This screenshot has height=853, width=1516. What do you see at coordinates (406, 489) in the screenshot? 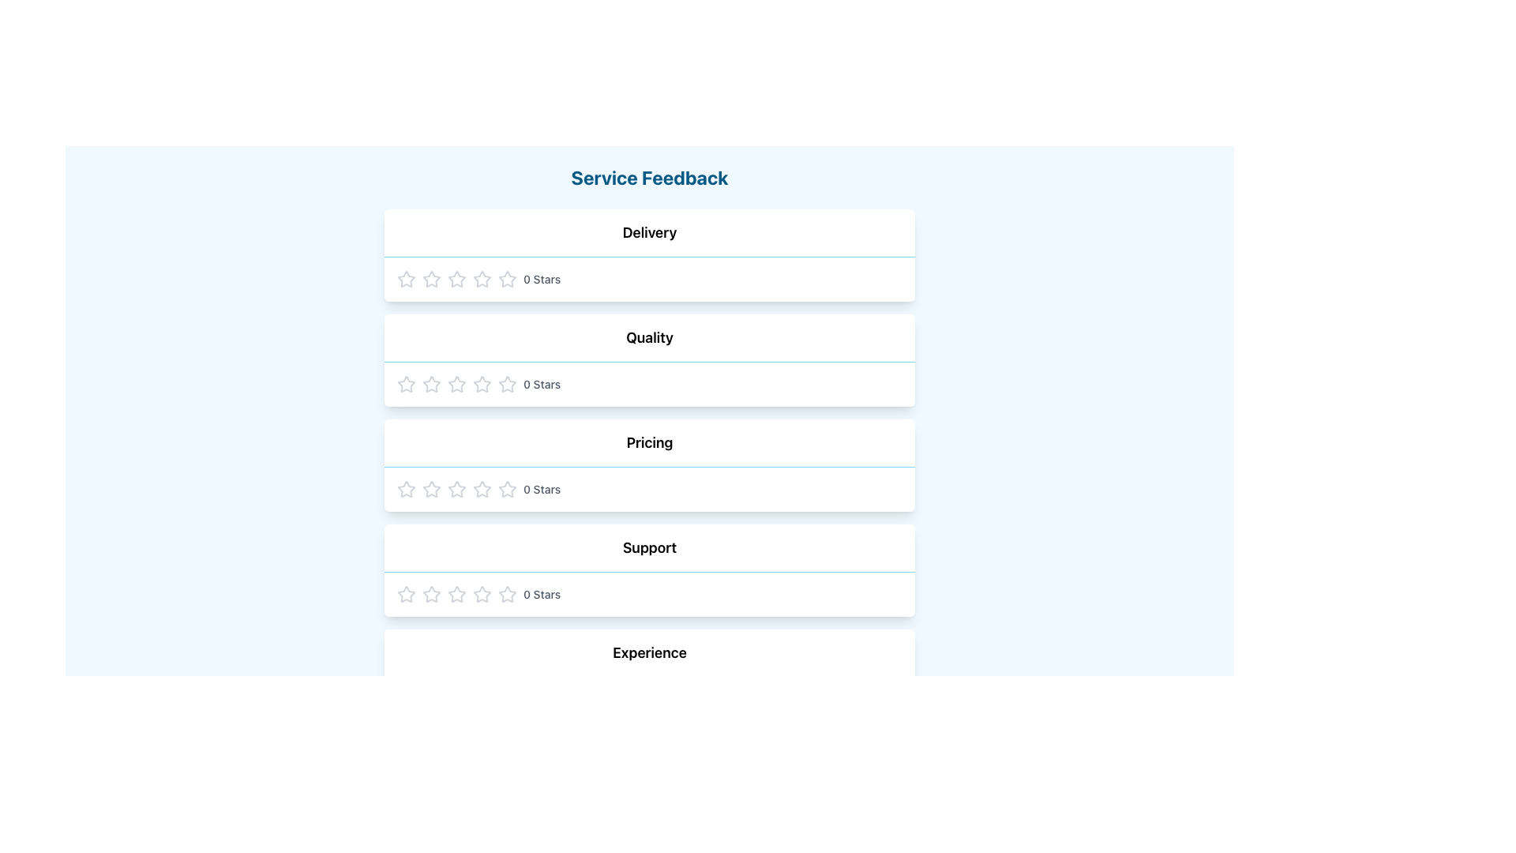
I see `the first star icon in the 'Pricing' section of the feedback form to rate it` at bounding box center [406, 489].